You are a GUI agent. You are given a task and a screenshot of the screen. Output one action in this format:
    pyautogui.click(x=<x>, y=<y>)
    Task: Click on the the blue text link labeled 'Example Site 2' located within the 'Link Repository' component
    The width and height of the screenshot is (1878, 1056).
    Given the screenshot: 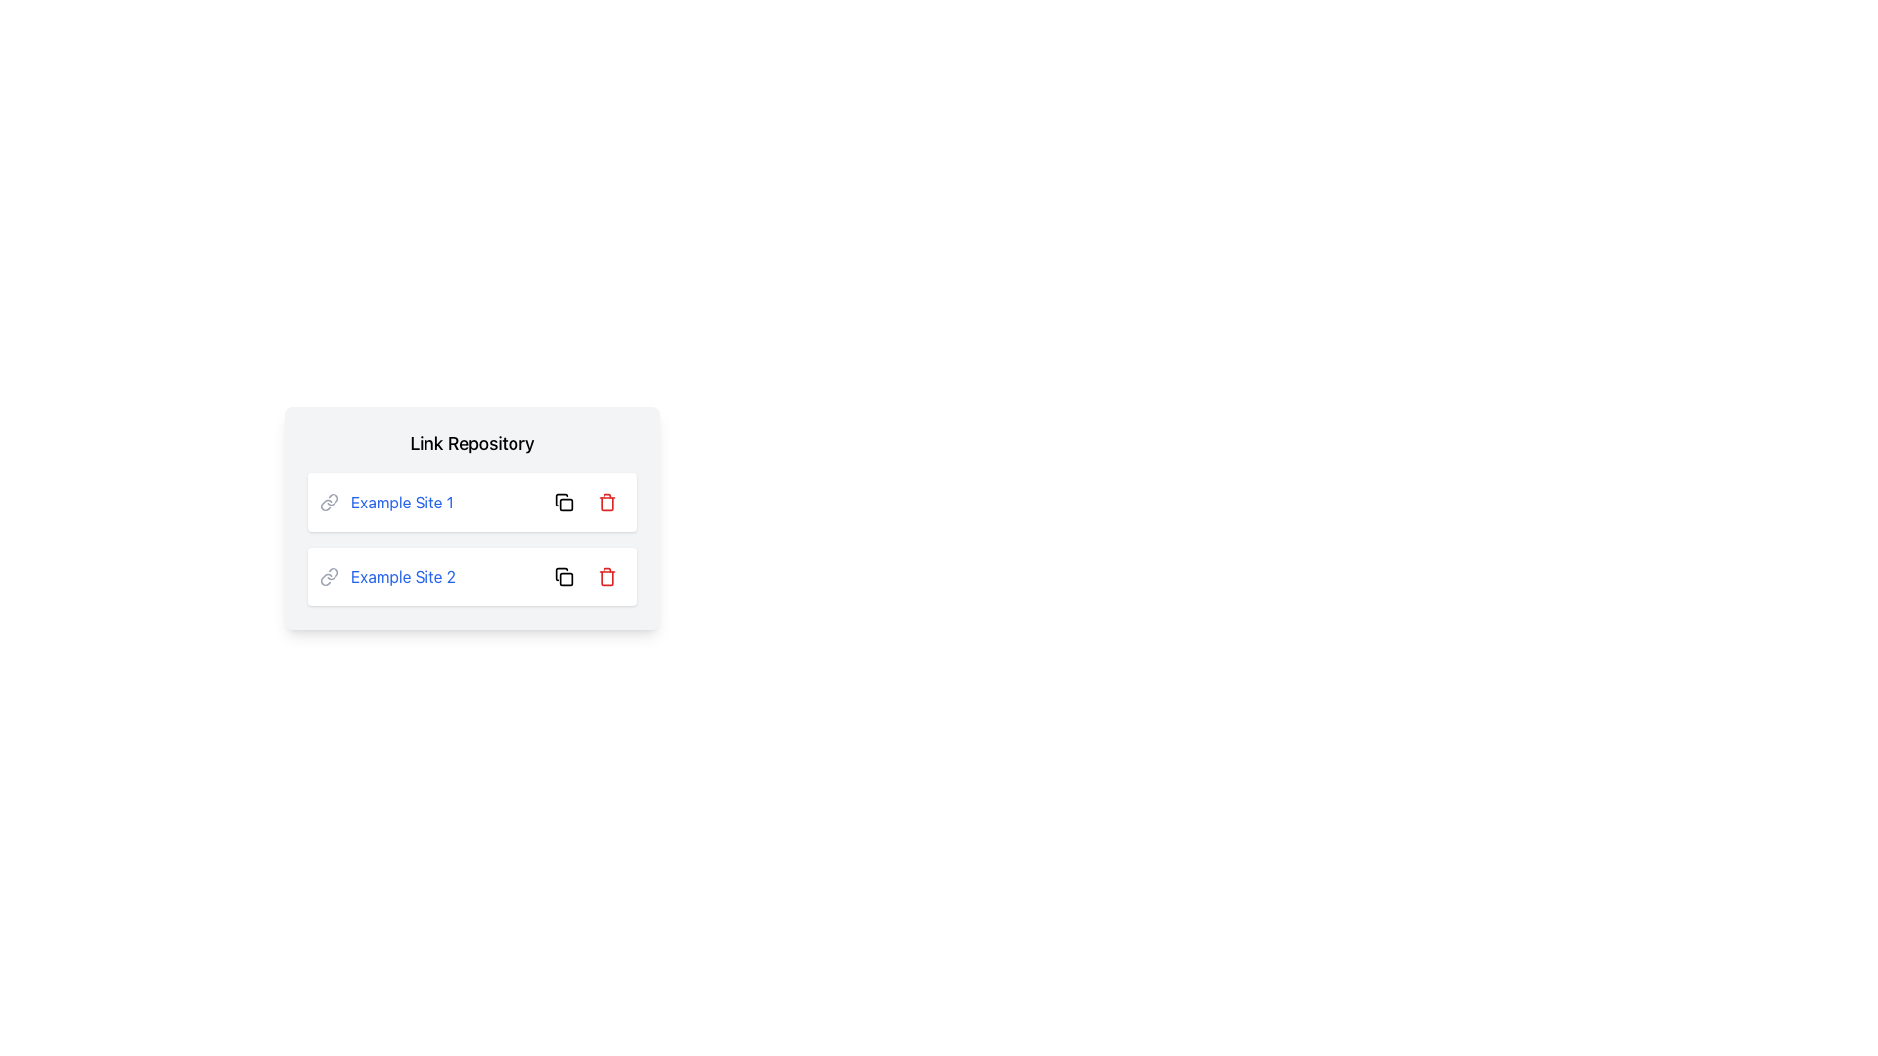 What is the action you would take?
    pyautogui.click(x=402, y=576)
    